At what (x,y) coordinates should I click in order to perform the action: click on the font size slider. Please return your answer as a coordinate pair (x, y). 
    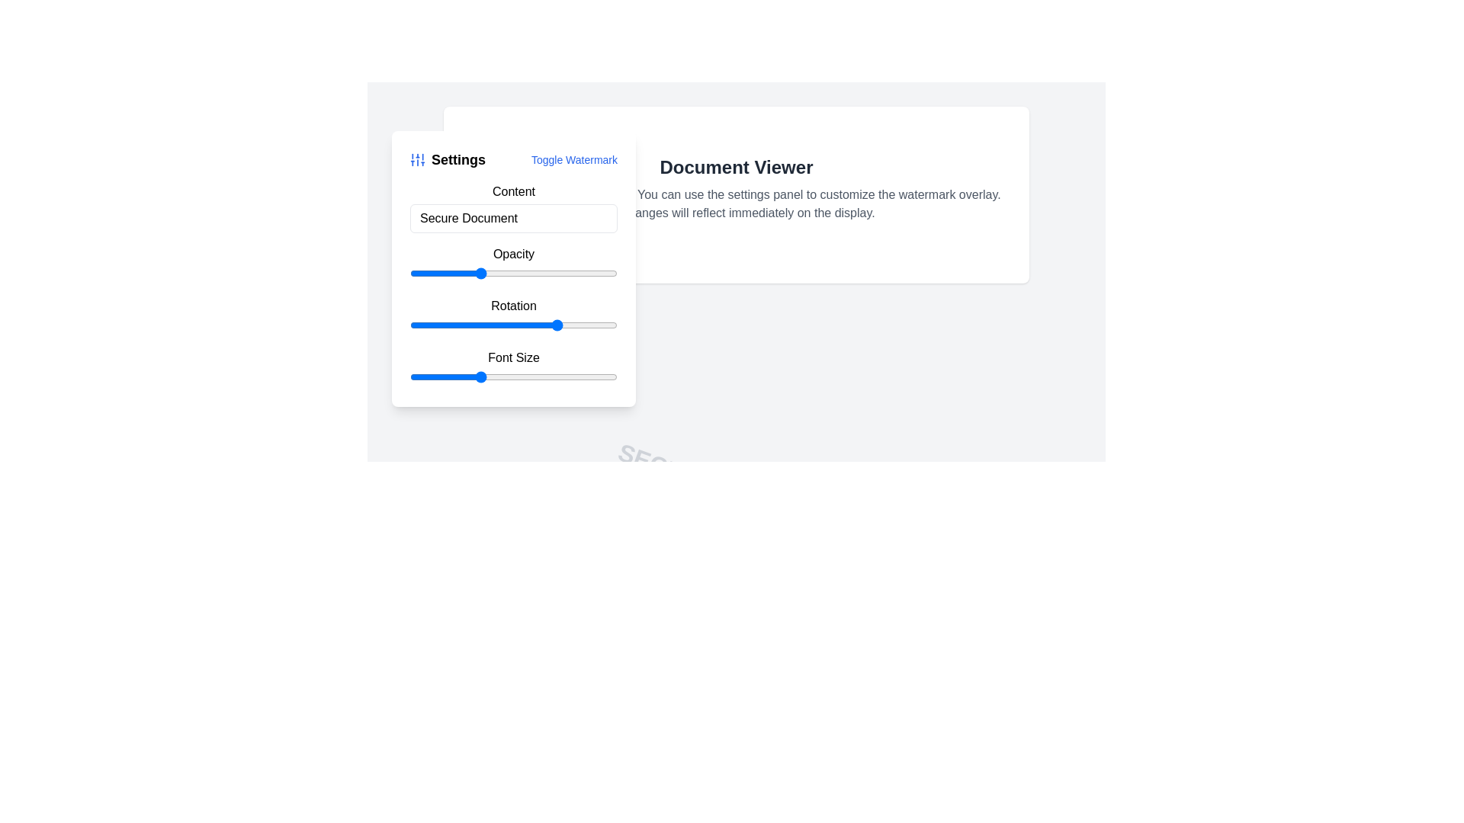
    Looking at the image, I should click on (419, 376).